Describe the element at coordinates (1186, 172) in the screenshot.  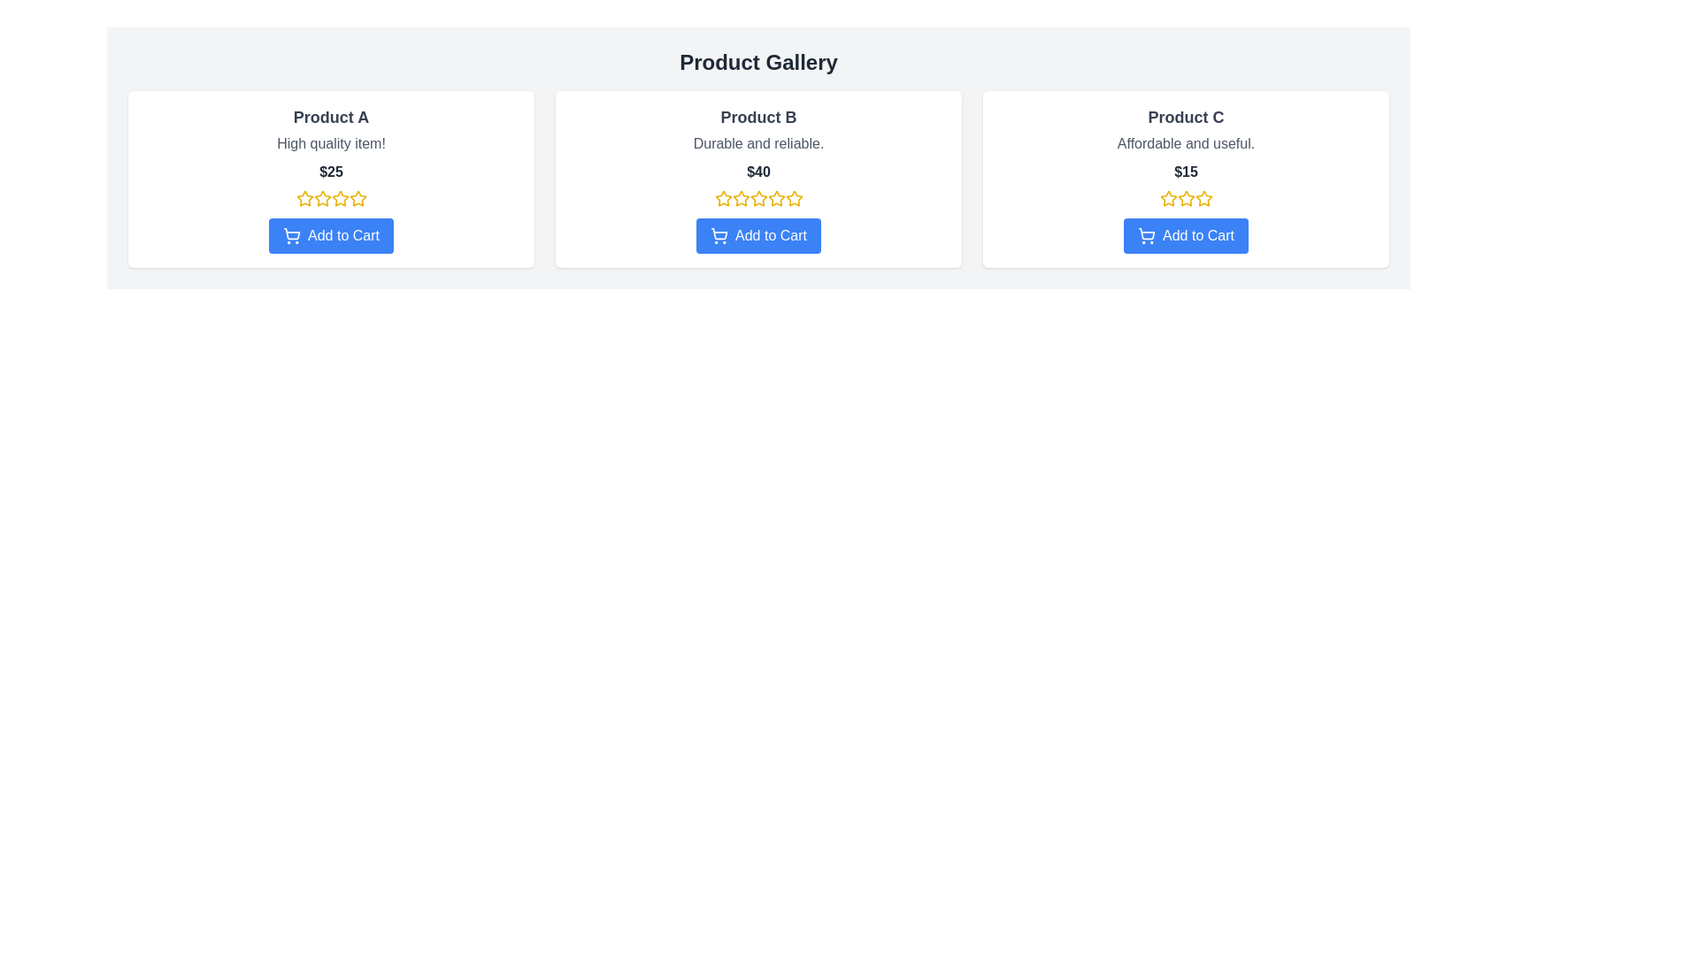
I see `the price label displaying $15 for 'Product C', located in the third product card above the star icons` at that location.